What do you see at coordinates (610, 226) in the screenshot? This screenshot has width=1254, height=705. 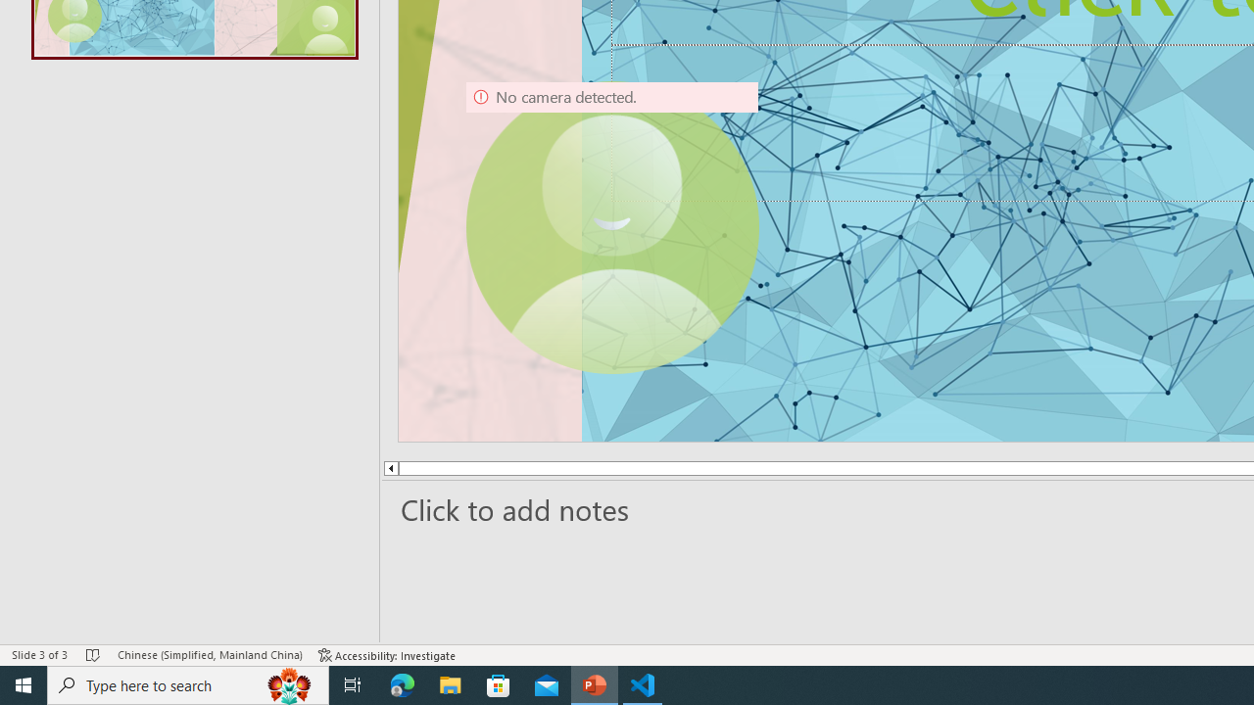 I see `'Camera 9, No camera detected.'` at bounding box center [610, 226].